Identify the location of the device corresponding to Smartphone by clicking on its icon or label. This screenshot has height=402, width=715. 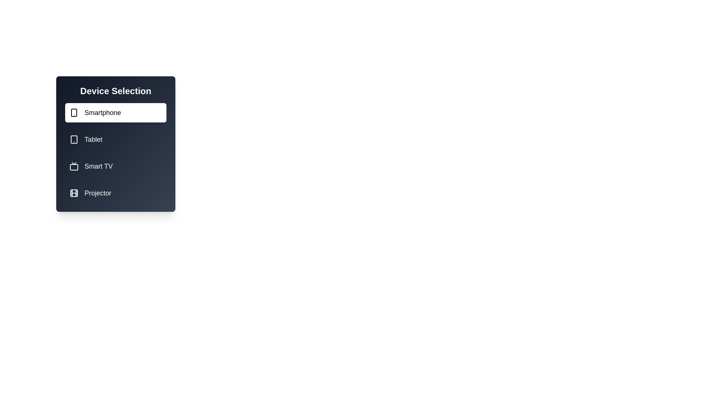
(115, 113).